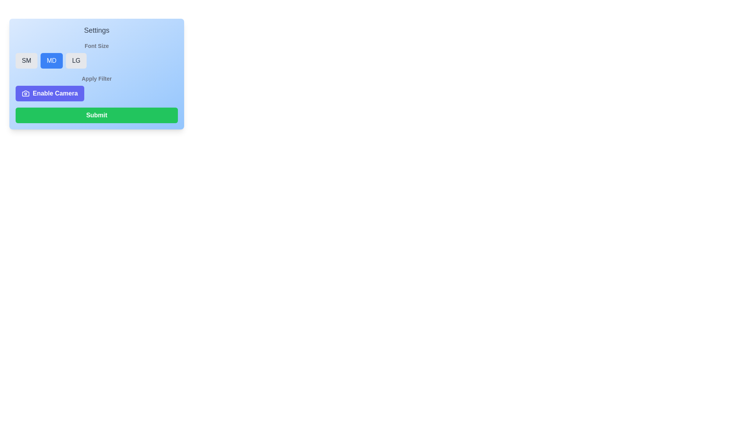 The image size is (749, 421). What do you see at coordinates (51, 60) in the screenshot?
I see `the 'Medium' font size button, which is the second button from the left in a row of three buttons labeled 'SM', 'MD', and 'LG', located beneath the 'Font Size' label` at bounding box center [51, 60].